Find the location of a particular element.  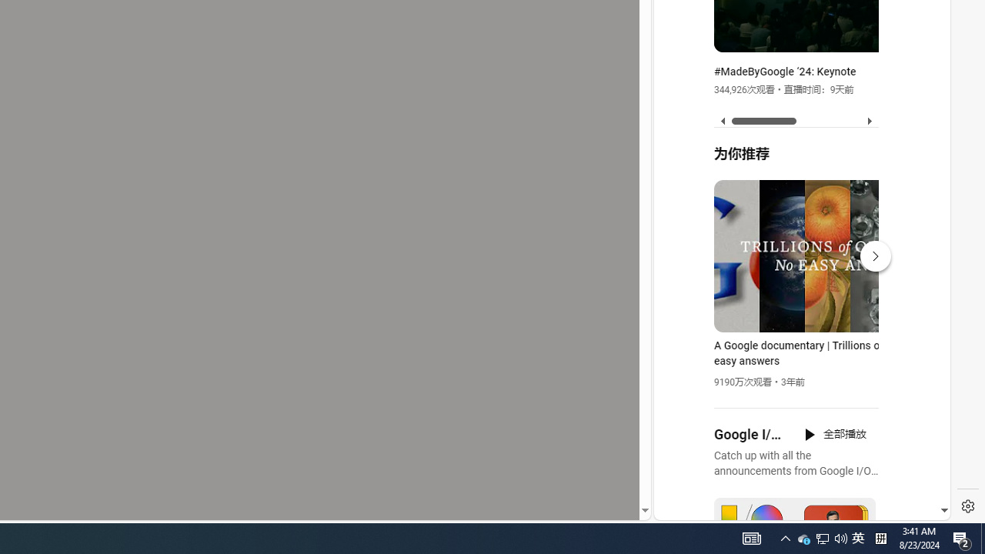

'YouTube' is located at coordinates (796, 332).